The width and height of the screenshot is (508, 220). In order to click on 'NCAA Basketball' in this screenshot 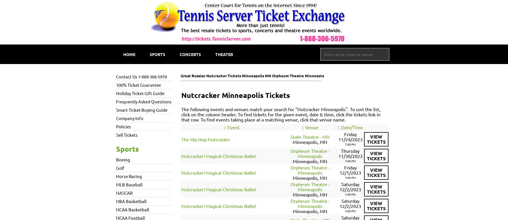, I will do `click(132, 209)`.